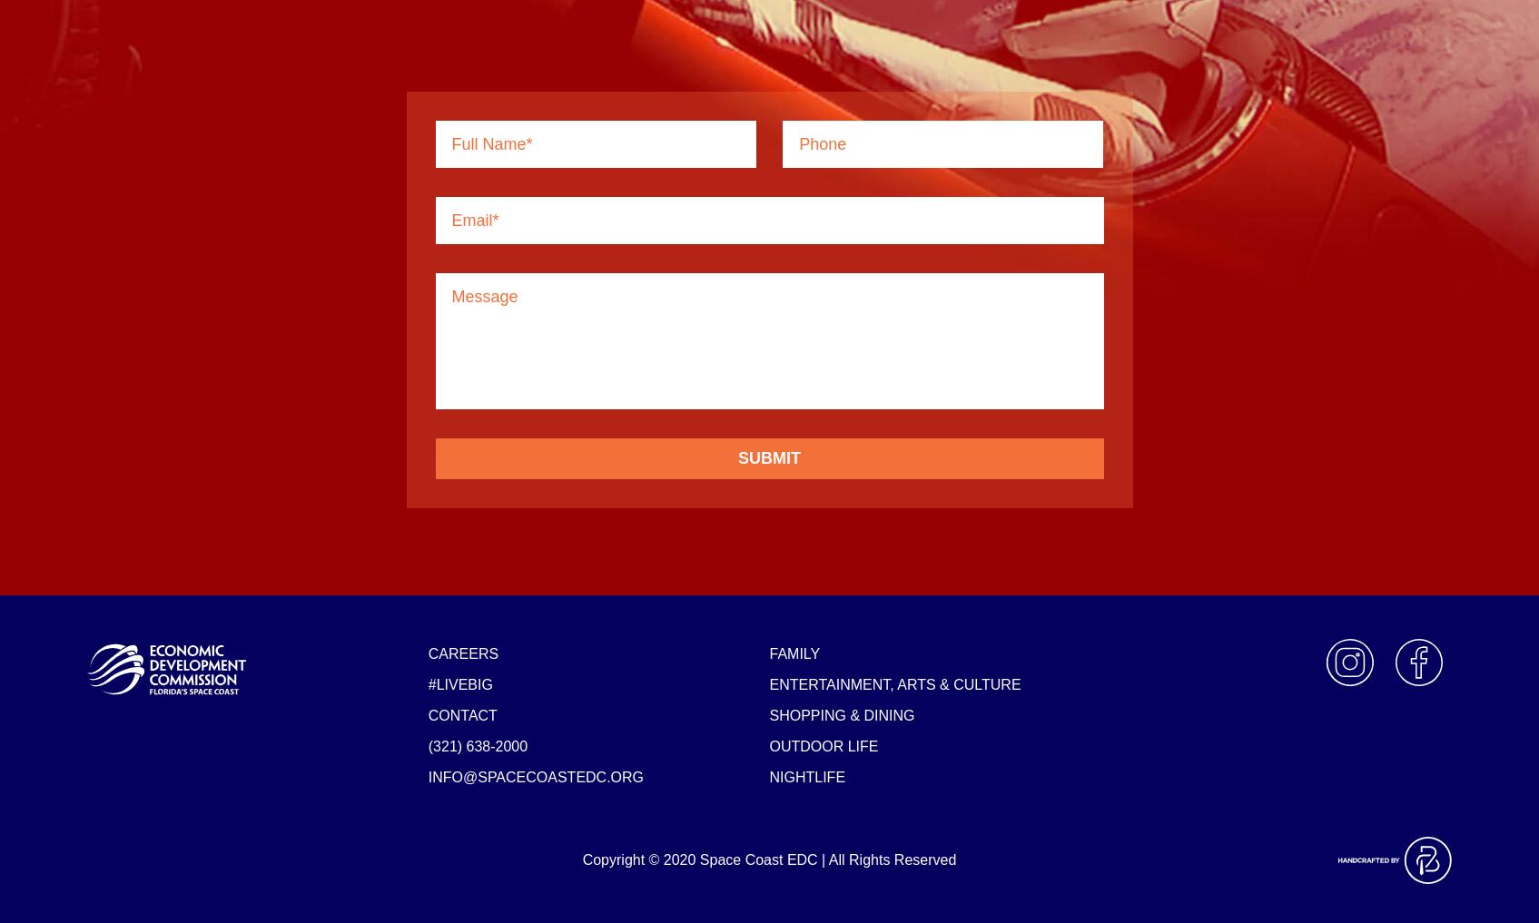 This screenshot has height=923, width=1539. Describe the element at coordinates (477, 744) in the screenshot. I see `'(321) 638-2000'` at that location.